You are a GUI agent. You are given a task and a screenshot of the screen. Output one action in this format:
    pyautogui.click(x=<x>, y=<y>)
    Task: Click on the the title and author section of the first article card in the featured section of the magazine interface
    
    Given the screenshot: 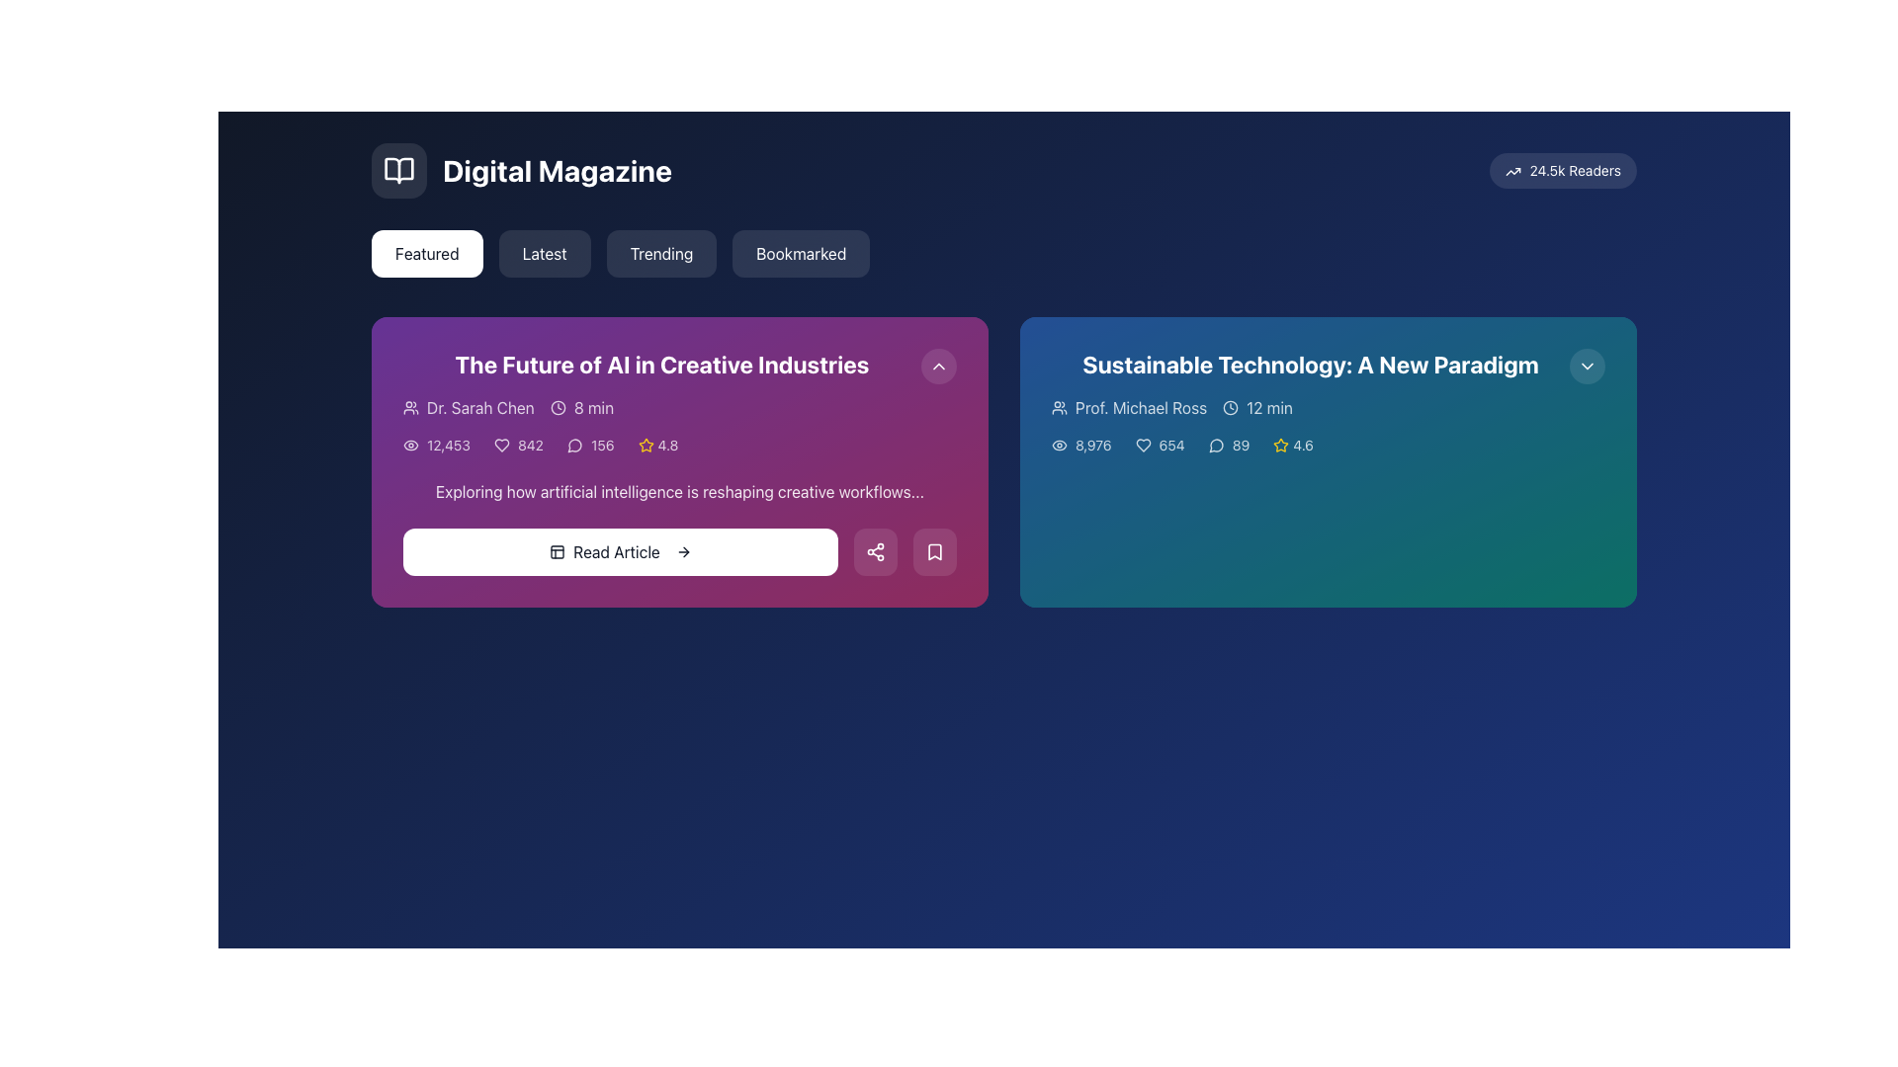 What is the action you would take?
    pyautogui.click(x=679, y=392)
    